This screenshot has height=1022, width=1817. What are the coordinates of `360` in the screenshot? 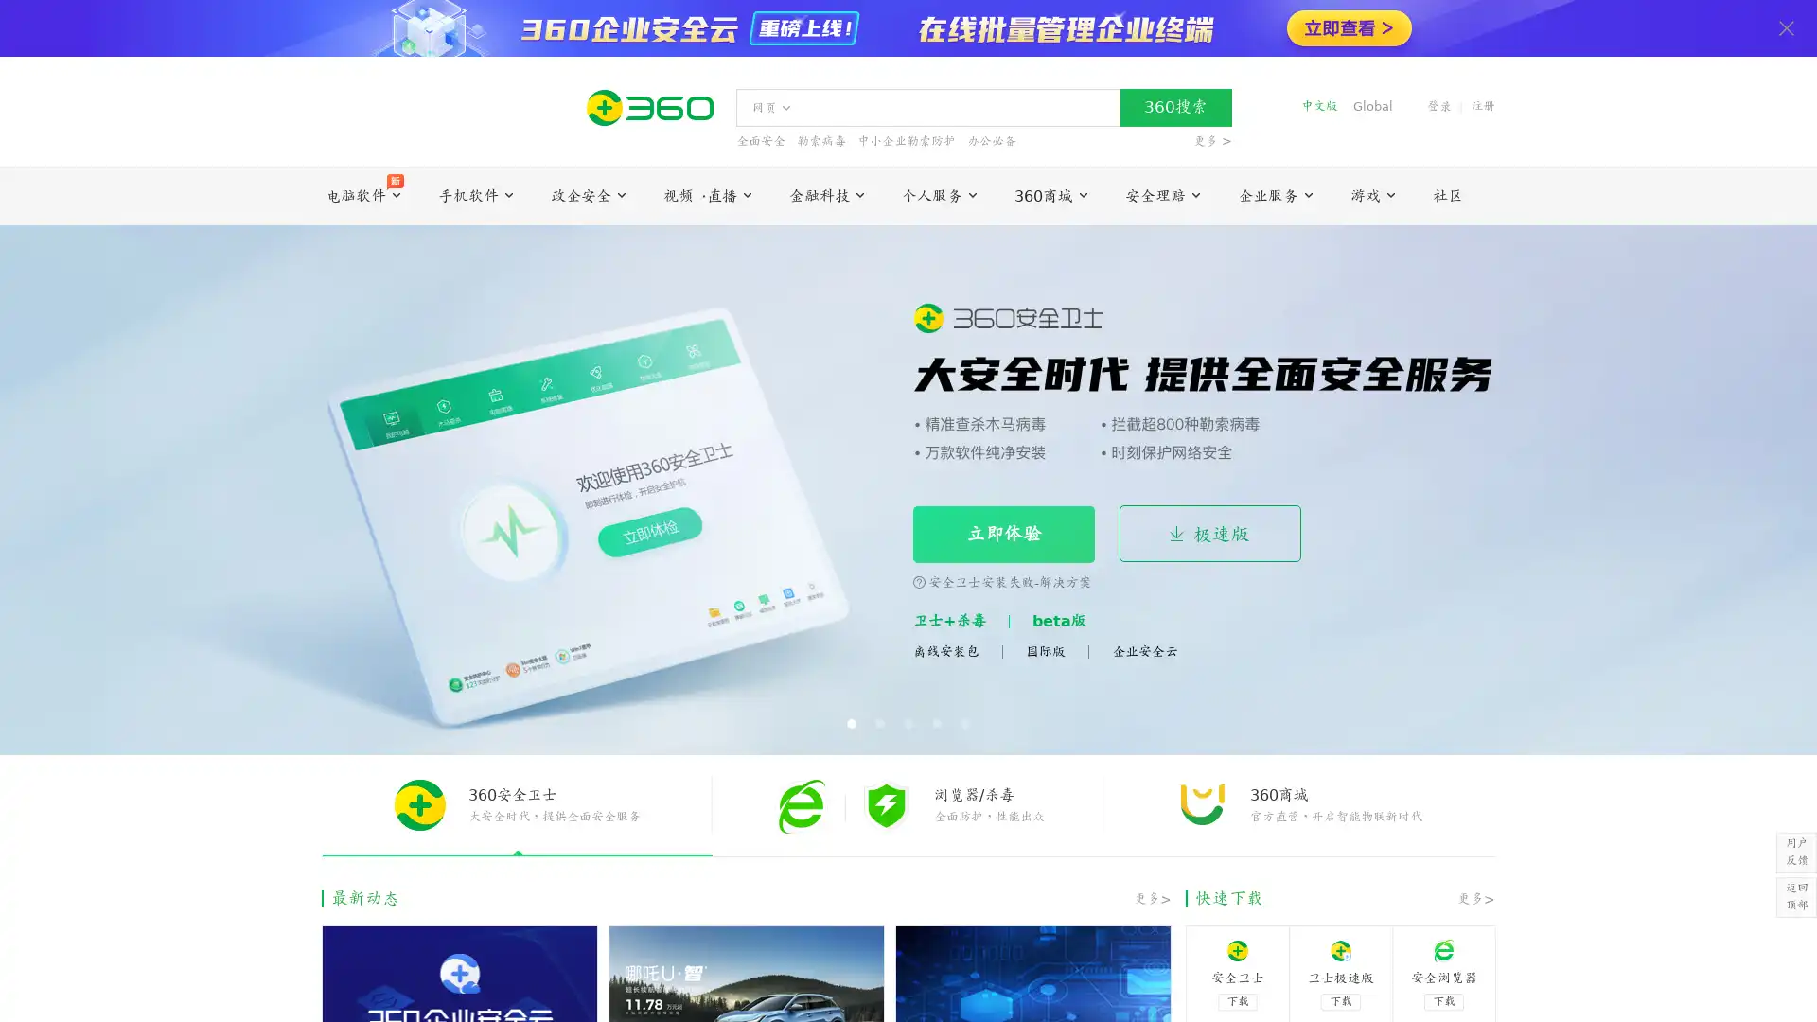 It's located at (1174, 108).